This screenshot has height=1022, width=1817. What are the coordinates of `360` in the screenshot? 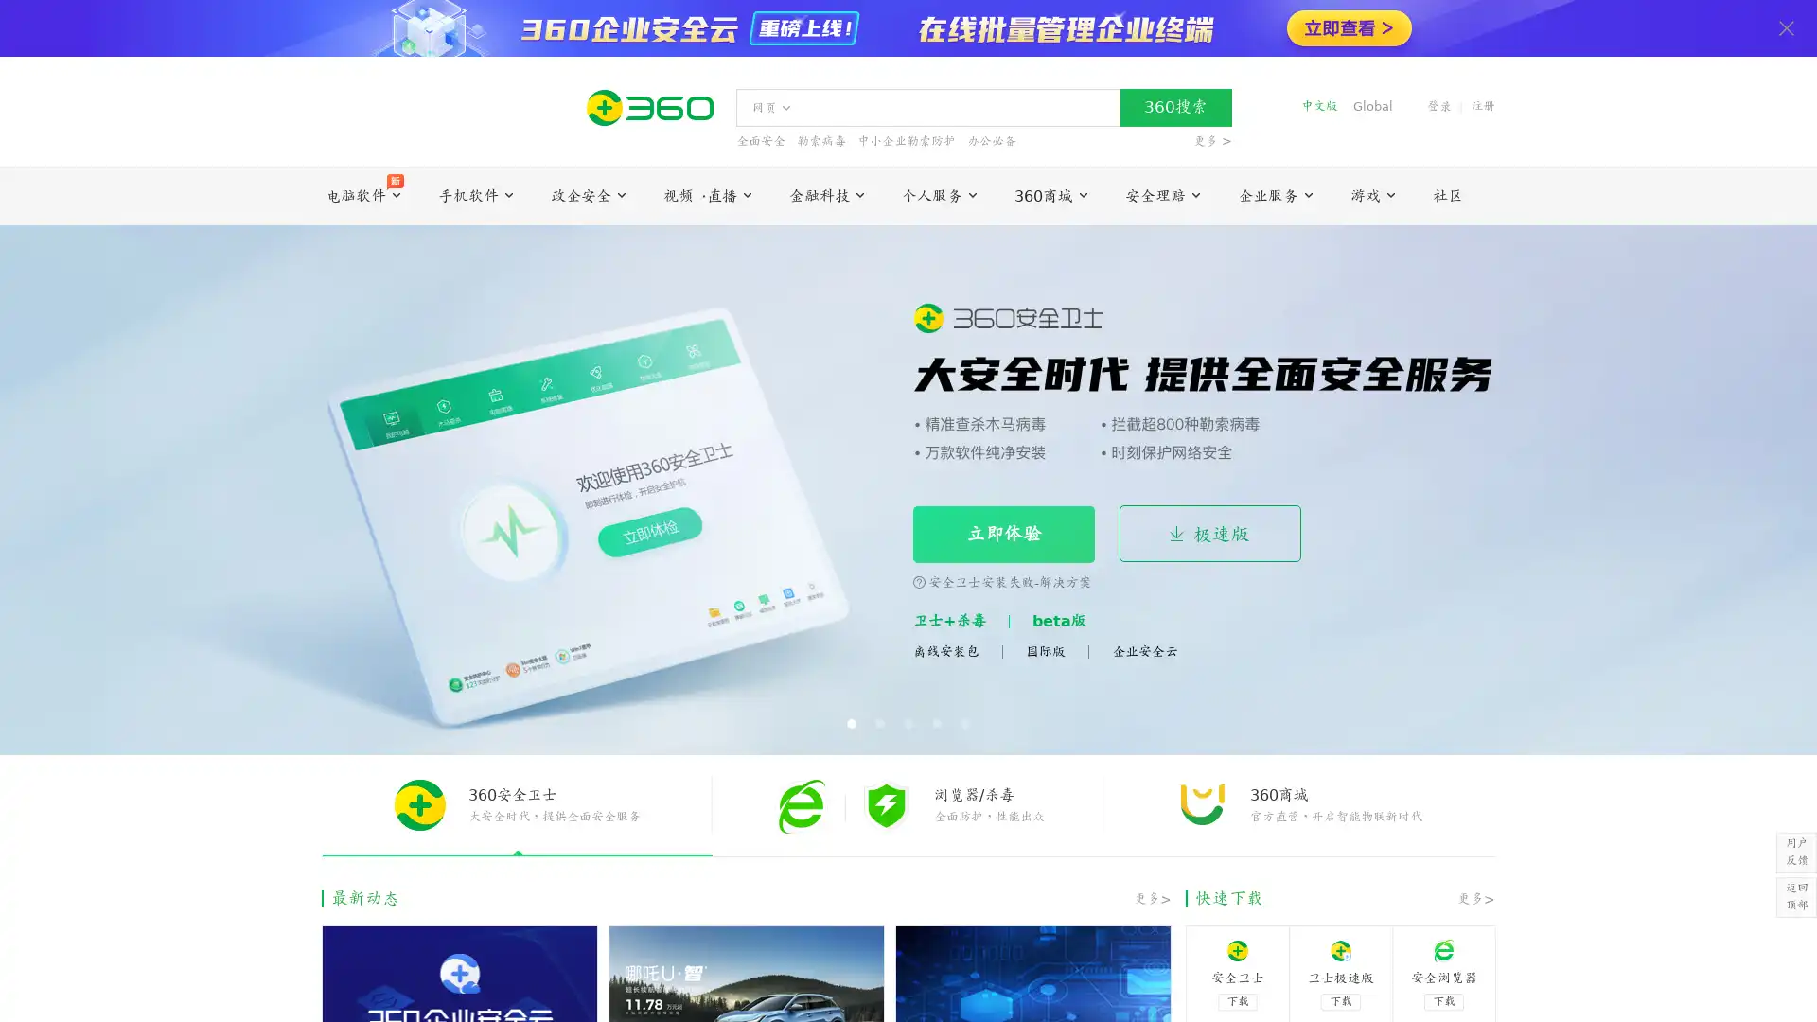 It's located at (1174, 108).